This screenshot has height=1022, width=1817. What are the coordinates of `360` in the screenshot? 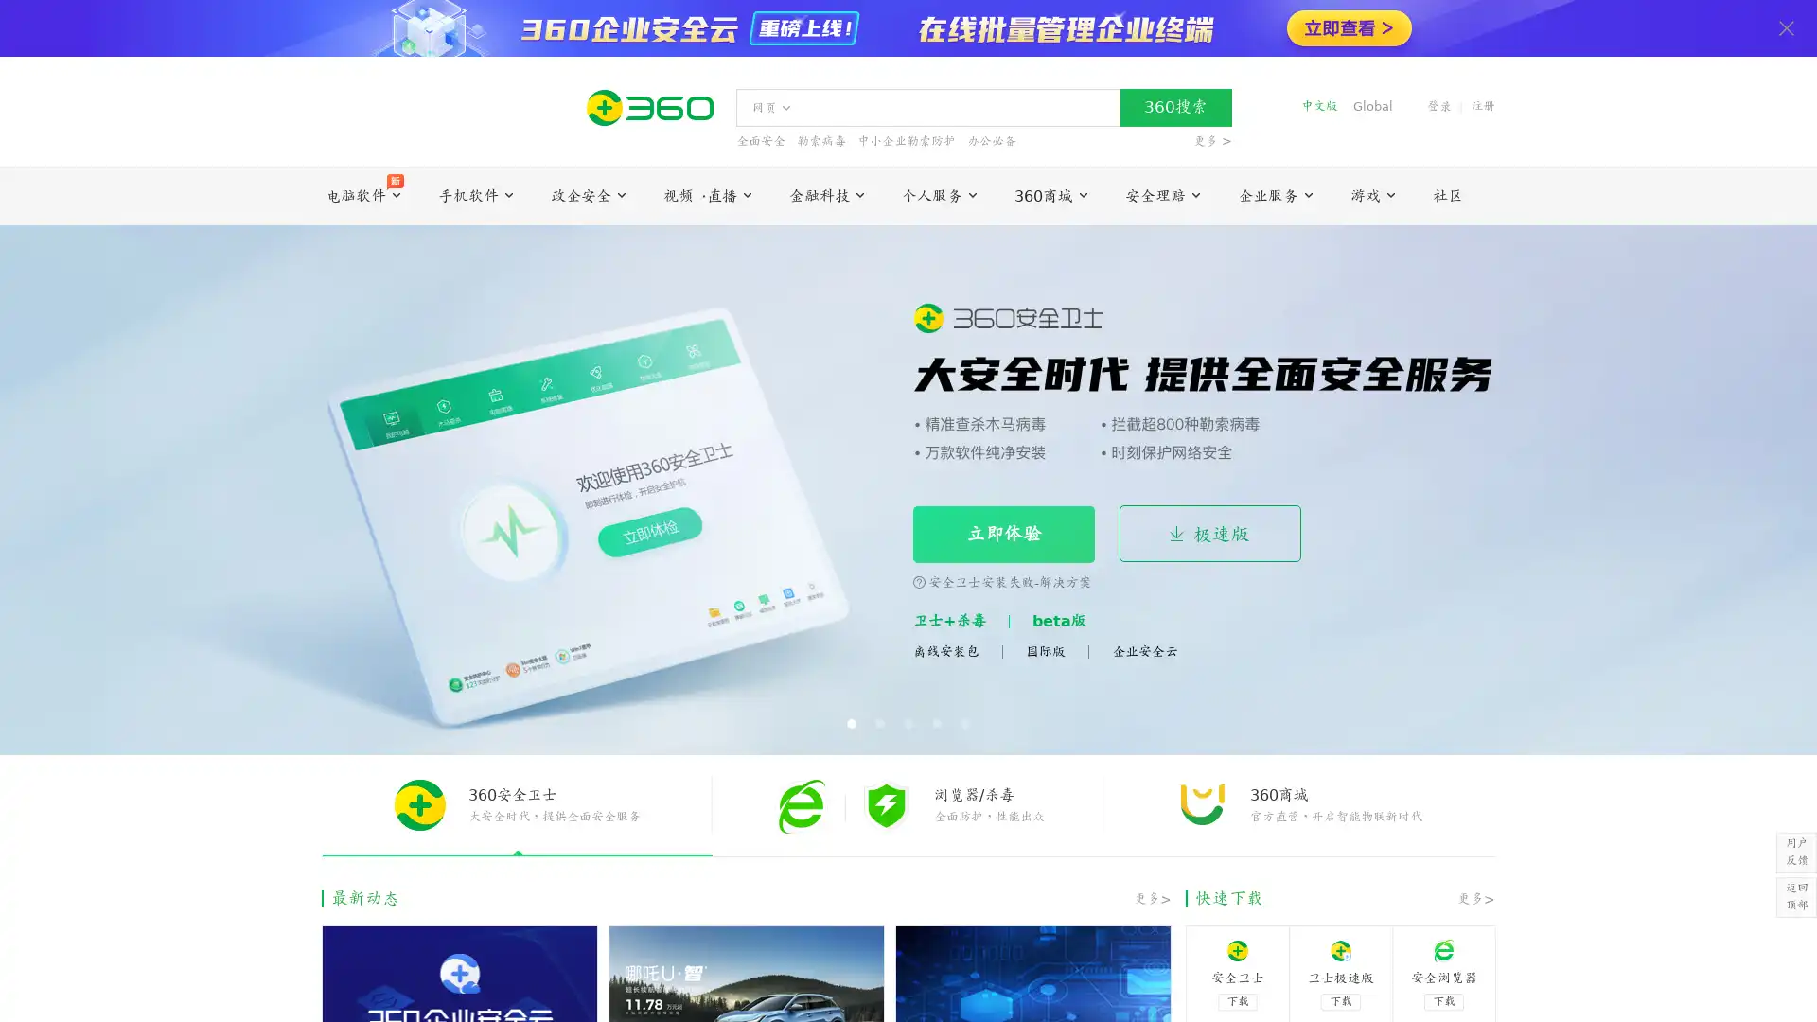 It's located at (1174, 108).